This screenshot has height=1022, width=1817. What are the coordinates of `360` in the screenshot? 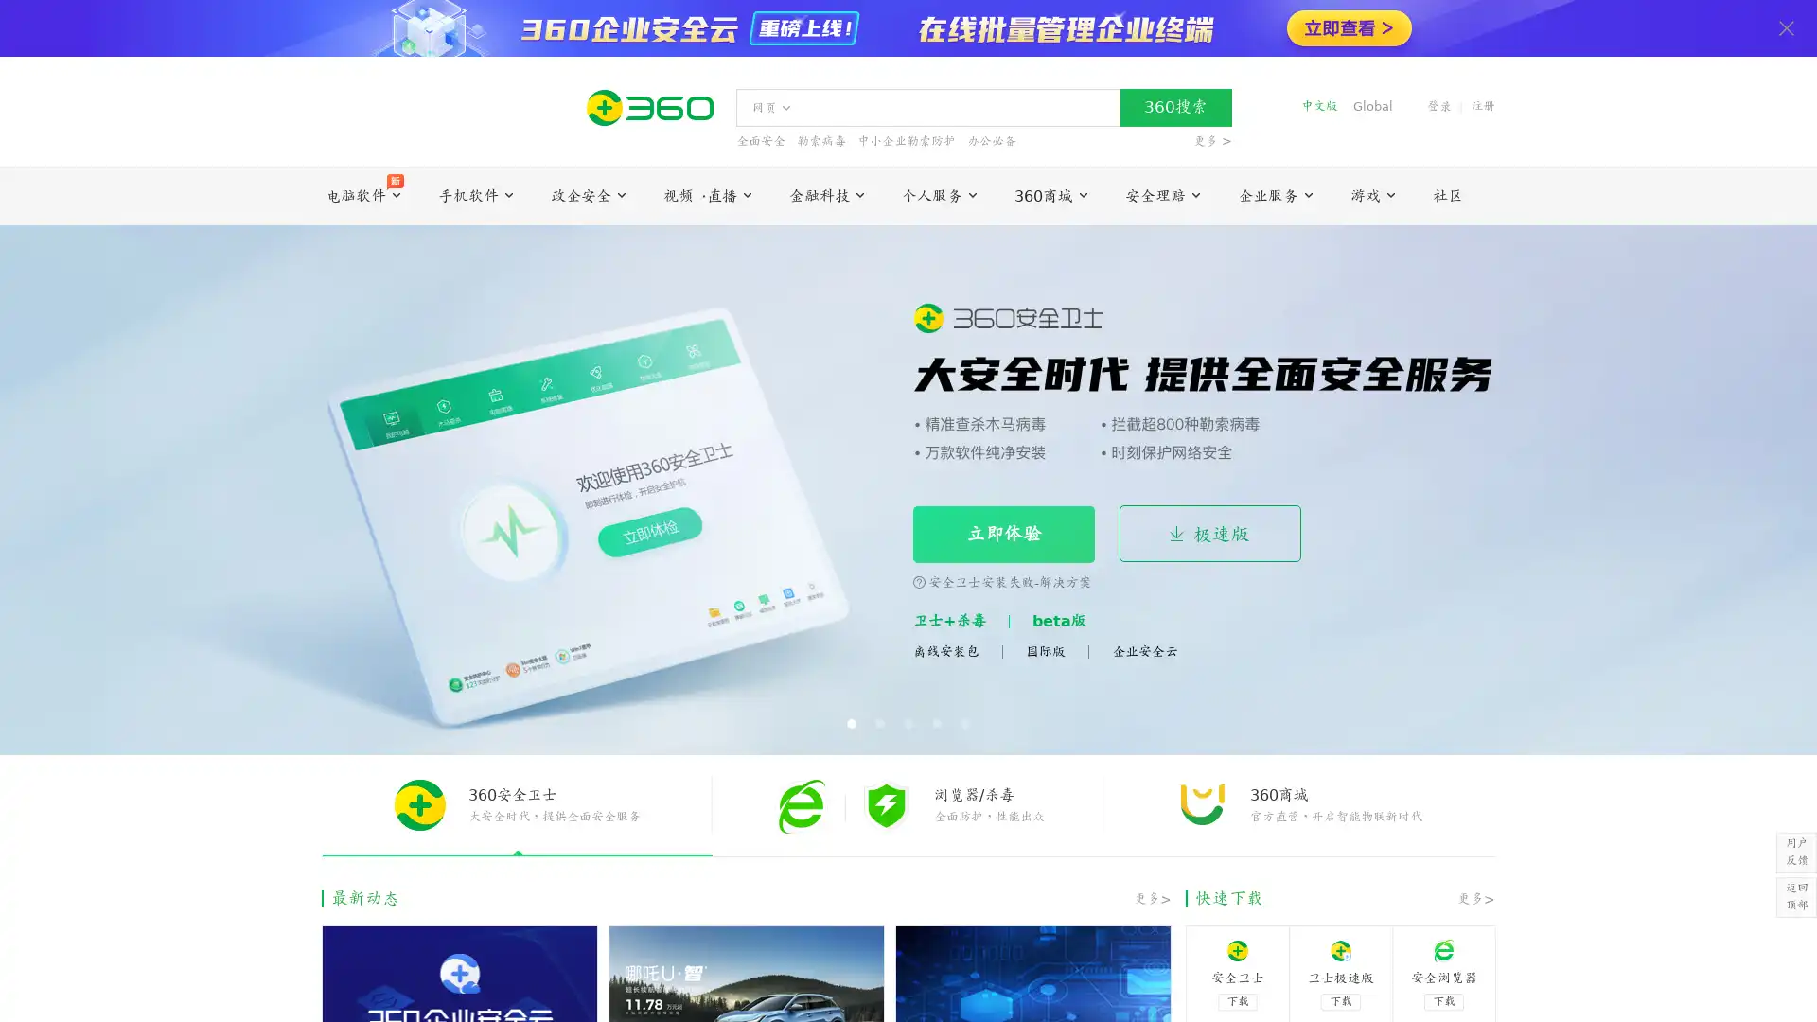 It's located at (1174, 108).